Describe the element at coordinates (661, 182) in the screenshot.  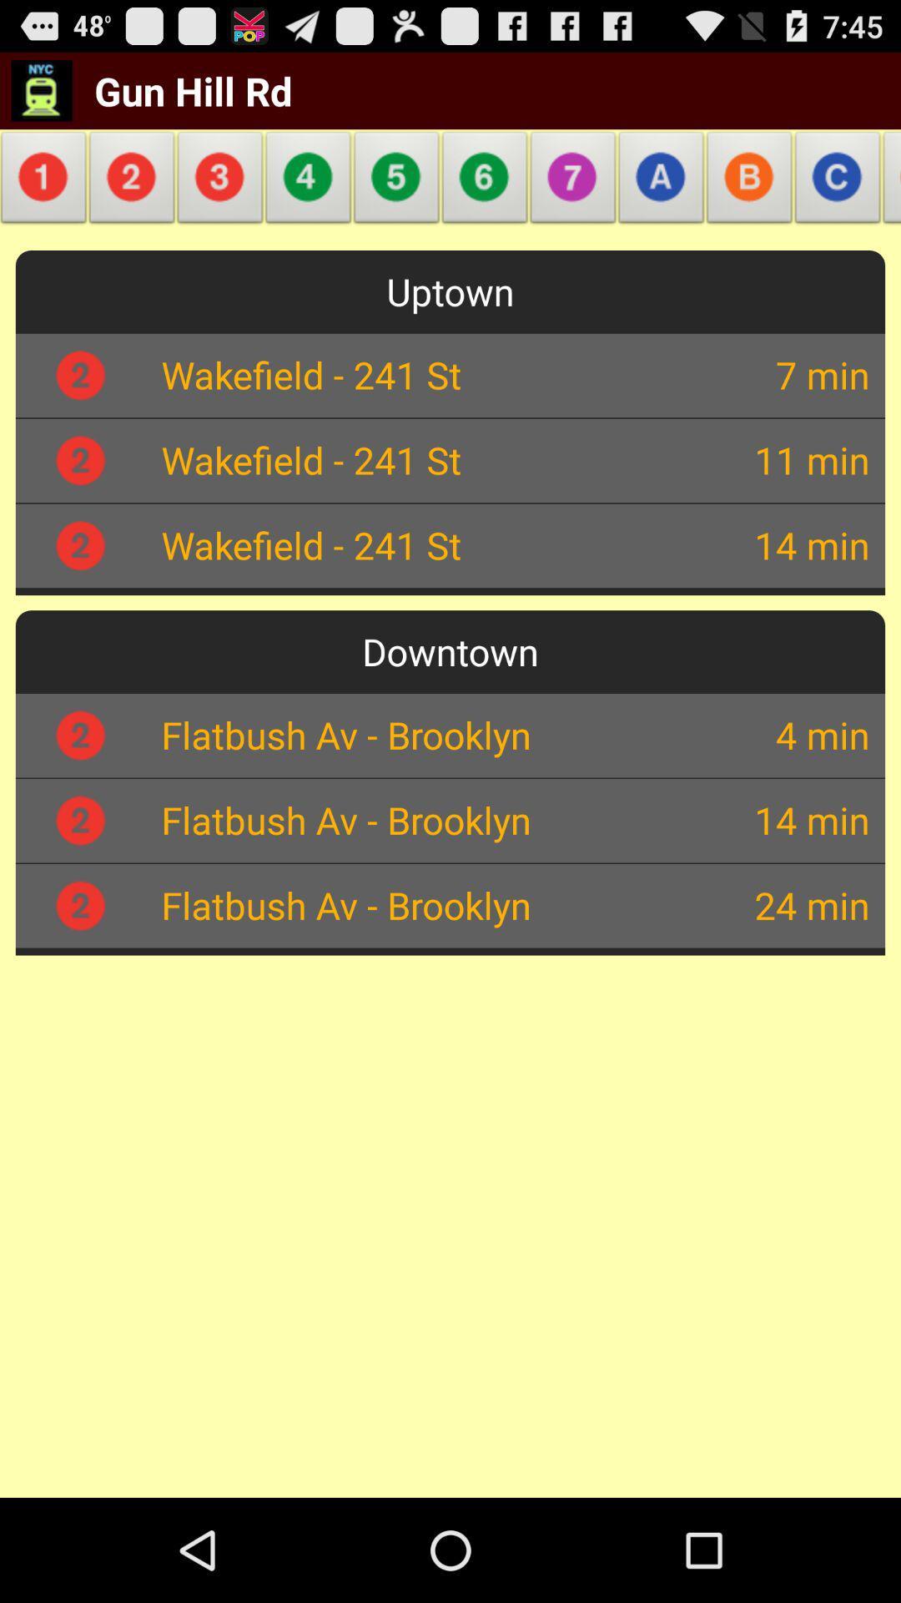
I see `the app above the uptown icon` at that location.